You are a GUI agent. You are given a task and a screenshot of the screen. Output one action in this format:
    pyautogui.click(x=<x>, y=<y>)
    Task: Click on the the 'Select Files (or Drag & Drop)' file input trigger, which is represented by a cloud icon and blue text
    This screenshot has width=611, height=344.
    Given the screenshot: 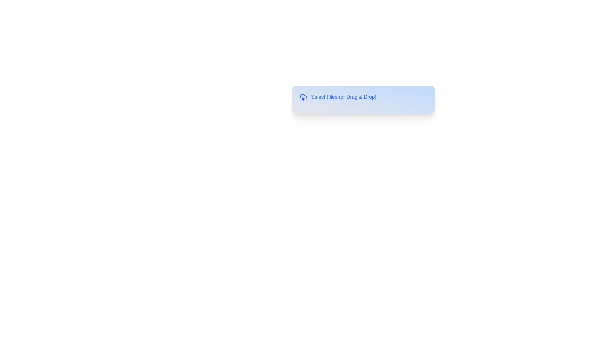 What is the action you would take?
    pyautogui.click(x=363, y=97)
    